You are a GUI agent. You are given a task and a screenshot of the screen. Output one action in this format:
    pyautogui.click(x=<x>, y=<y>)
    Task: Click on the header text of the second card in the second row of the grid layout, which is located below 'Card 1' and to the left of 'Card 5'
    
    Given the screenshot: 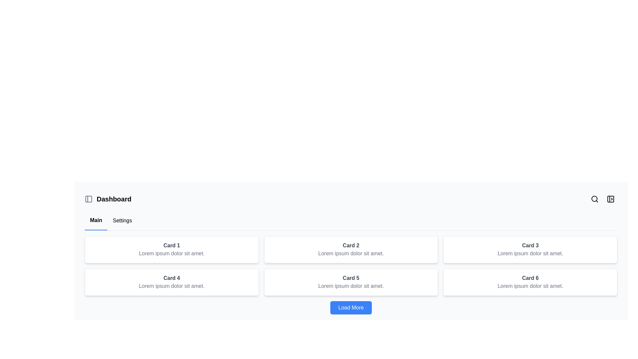 What is the action you would take?
    pyautogui.click(x=171, y=278)
    